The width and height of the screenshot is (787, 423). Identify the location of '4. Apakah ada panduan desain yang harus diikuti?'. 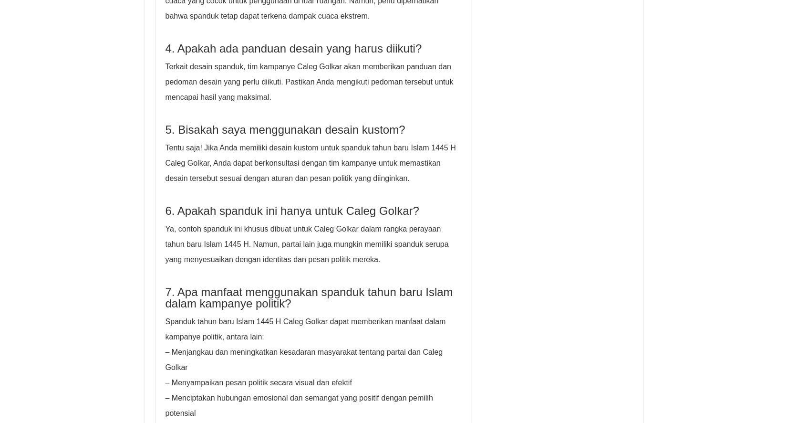
(292, 48).